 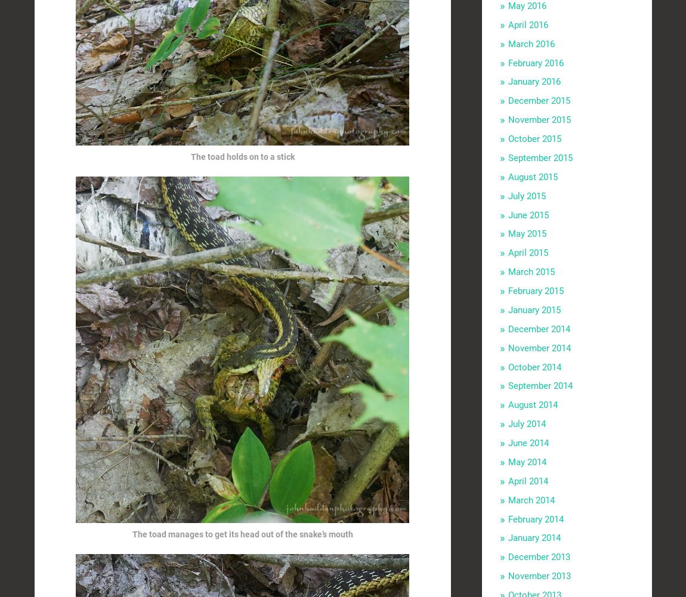 I want to click on 'May 2015', so click(x=526, y=233).